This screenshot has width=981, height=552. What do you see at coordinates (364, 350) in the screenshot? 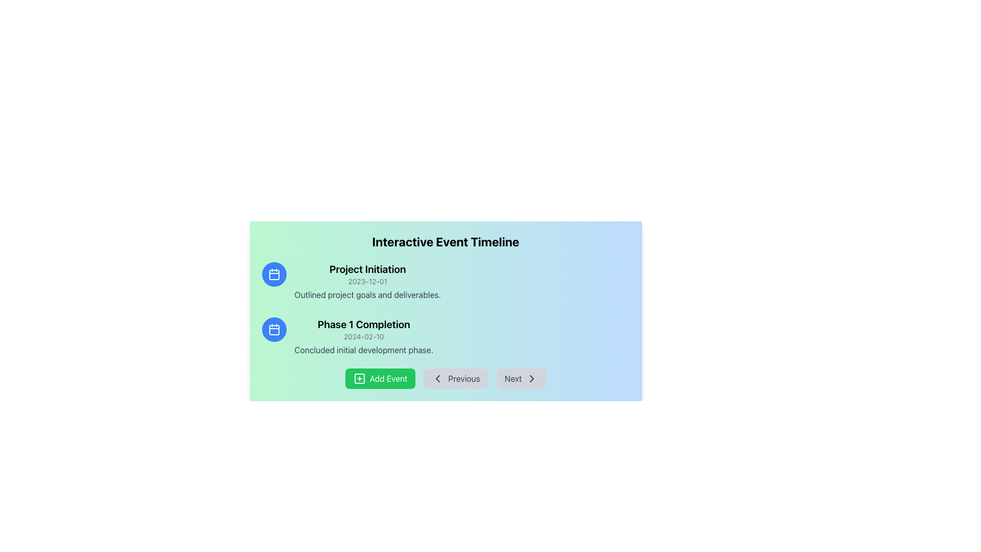
I see `the text label reading 'Concluded initial development phase.' which is displayed in gray on a light green background, positioned below '2024-02-10' in the 'Phase 1 Completion' section` at bounding box center [364, 350].